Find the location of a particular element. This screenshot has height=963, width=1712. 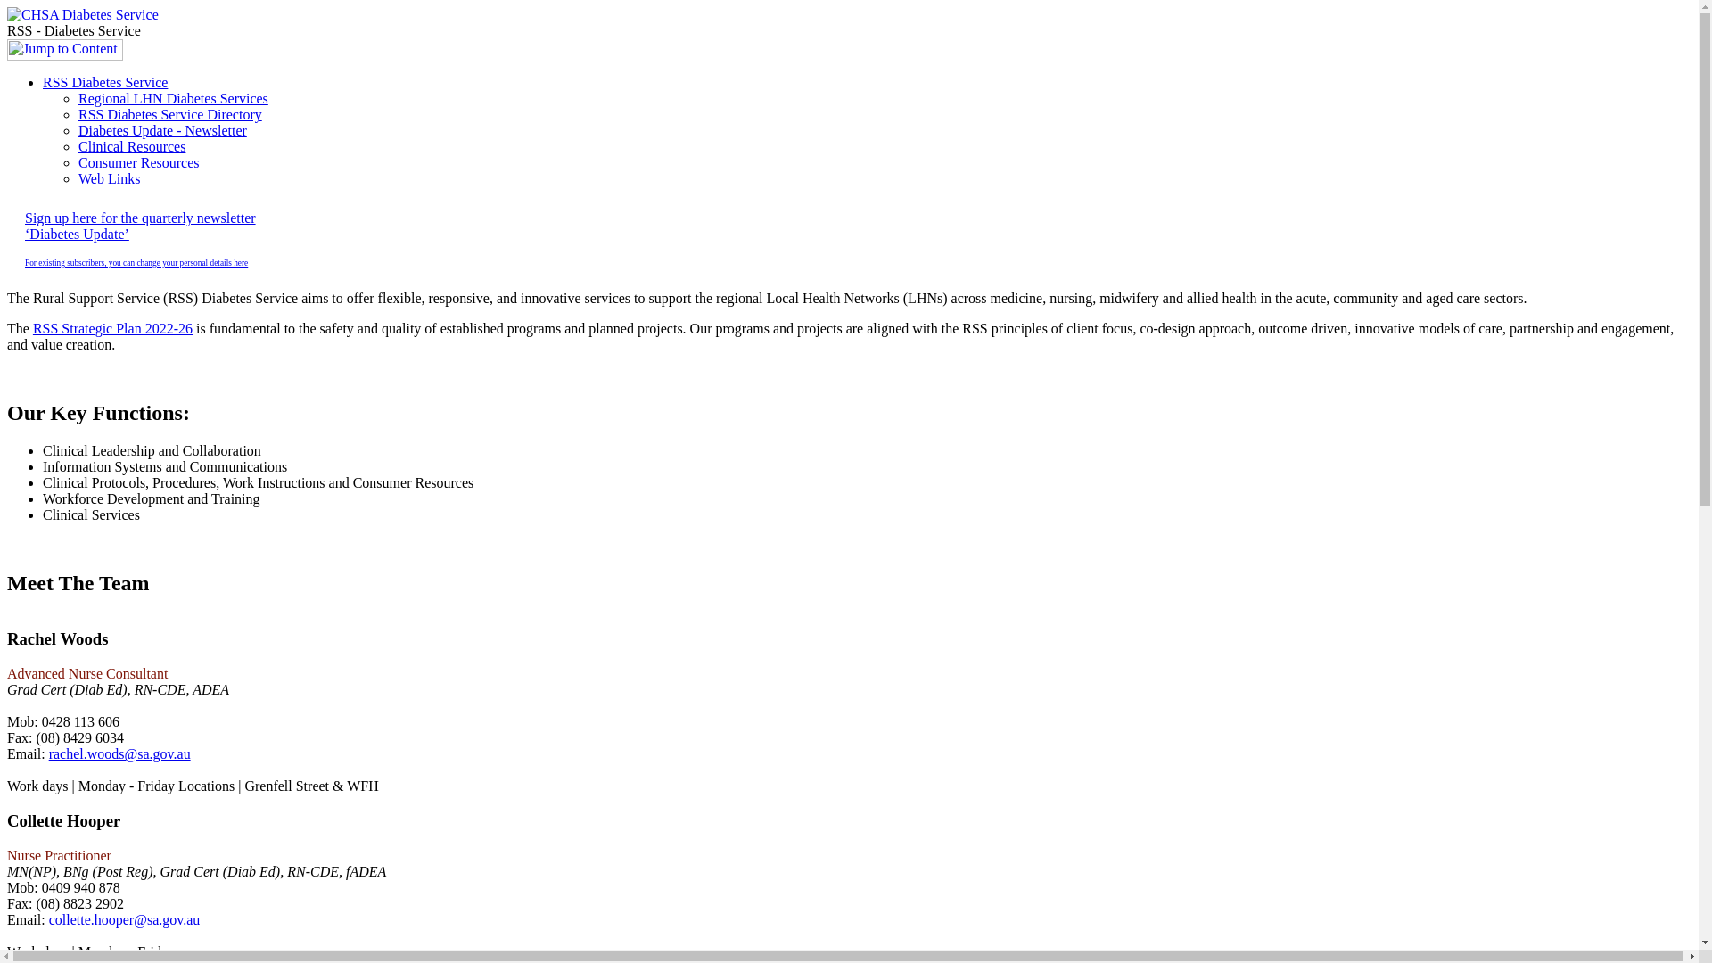

'rachel.woods@sa.gov.au' is located at coordinates (119, 753).